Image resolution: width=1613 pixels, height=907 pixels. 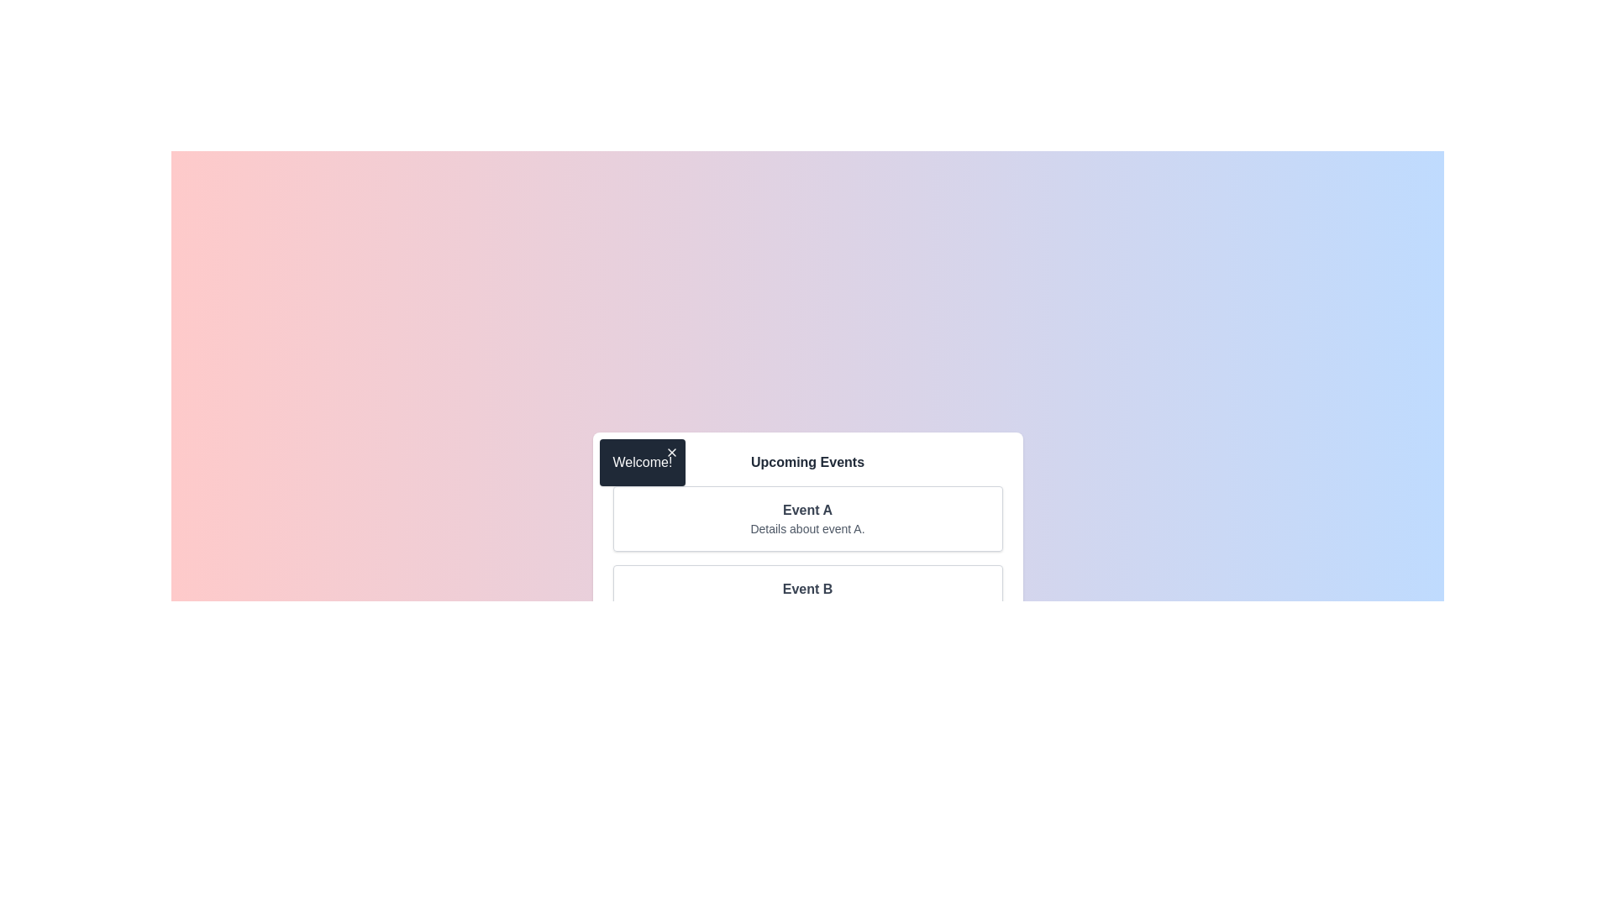 I want to click on the informational card displaying details about 'Event B', which is located below 'Event A' and above 'Event C' in the 'Upcoming Events' section, so click(x=807, y=597).